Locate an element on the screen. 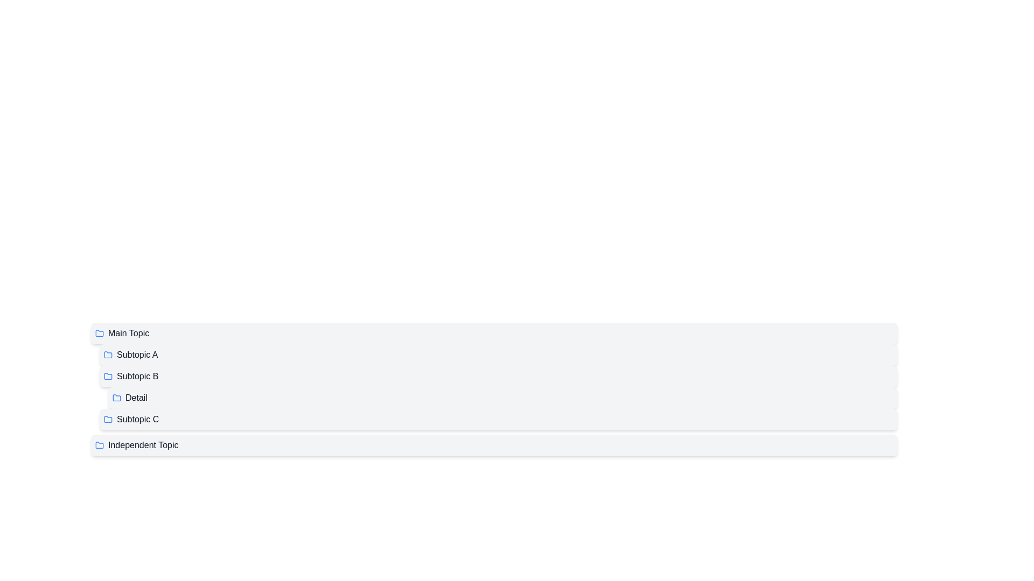 This screenshot has height=581, width=1034. the last selectable list item labeled 'Independent Topic' is located at coordinates (493, 445).